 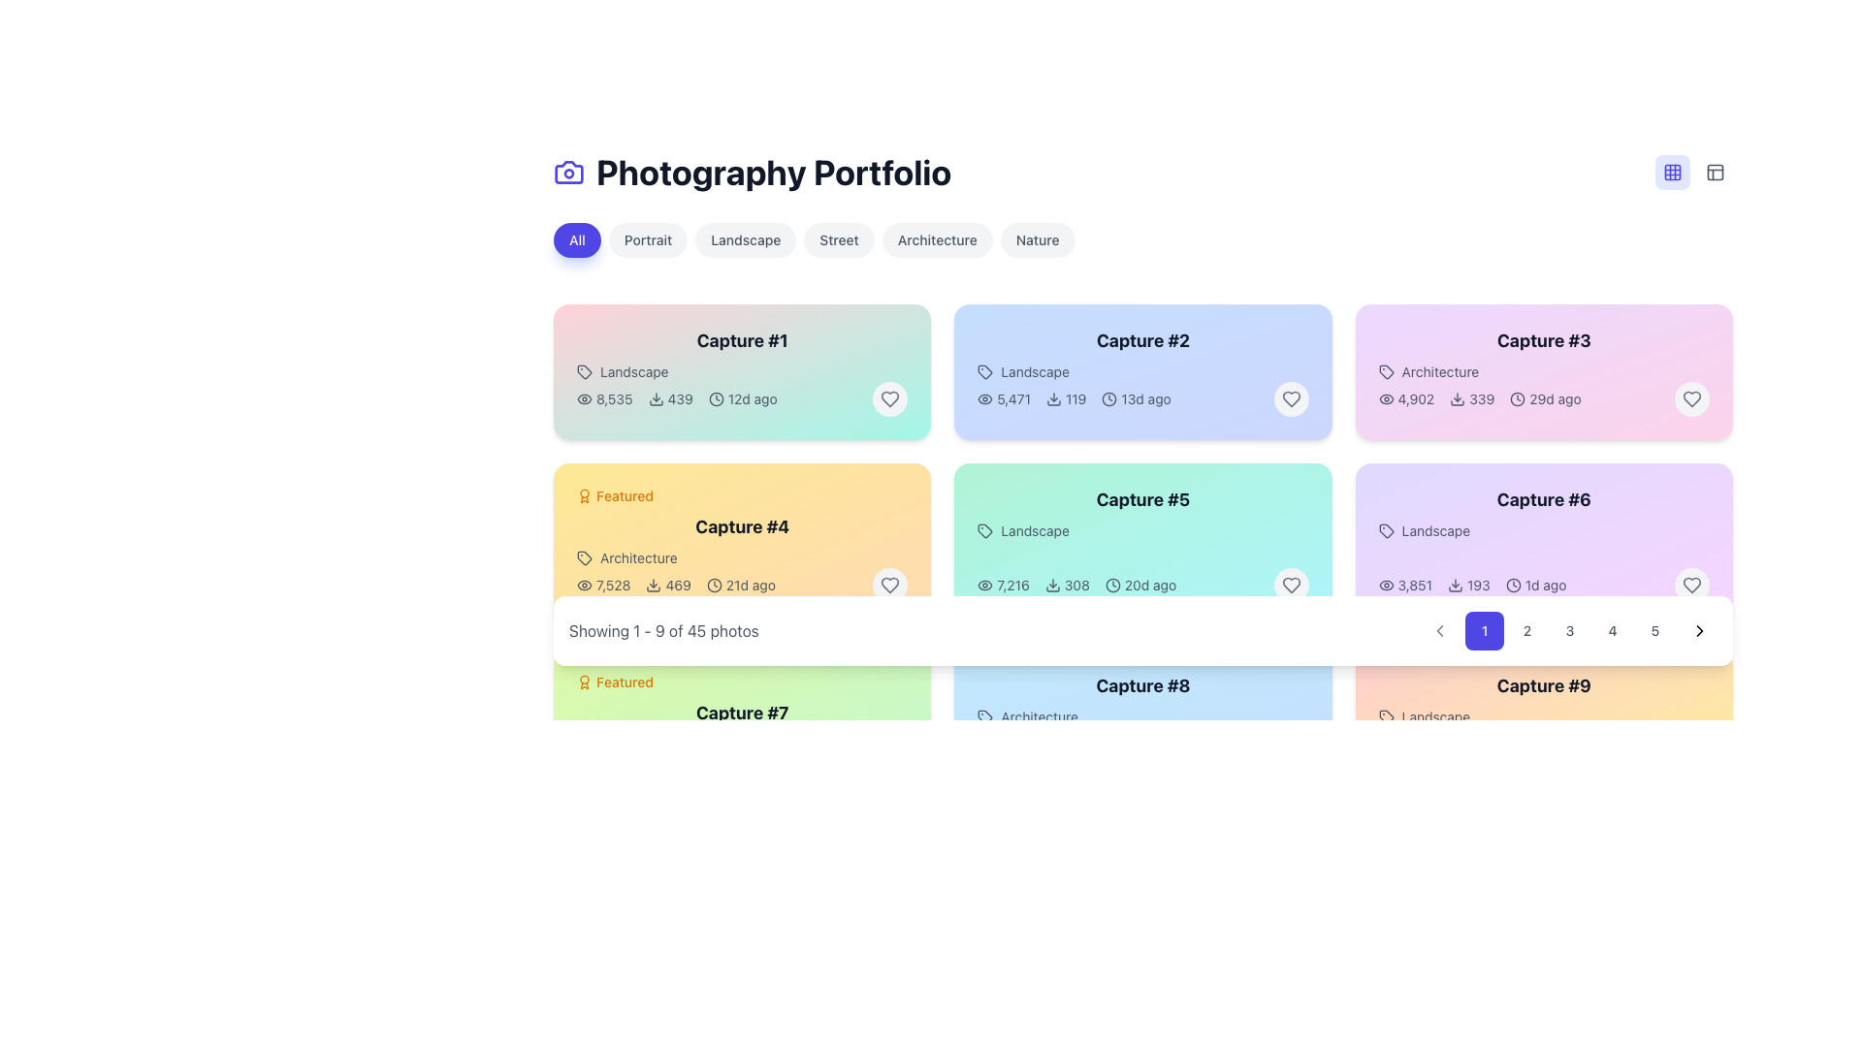 What do you see at coordinates (1439, 631) in the screenshot?
I see `the small, rounded button with a leftward-pointing chevron icon located in the pagination section, immediately to the left of the '1' button, to observe the hover effect` at bounding box center [1439, 631].